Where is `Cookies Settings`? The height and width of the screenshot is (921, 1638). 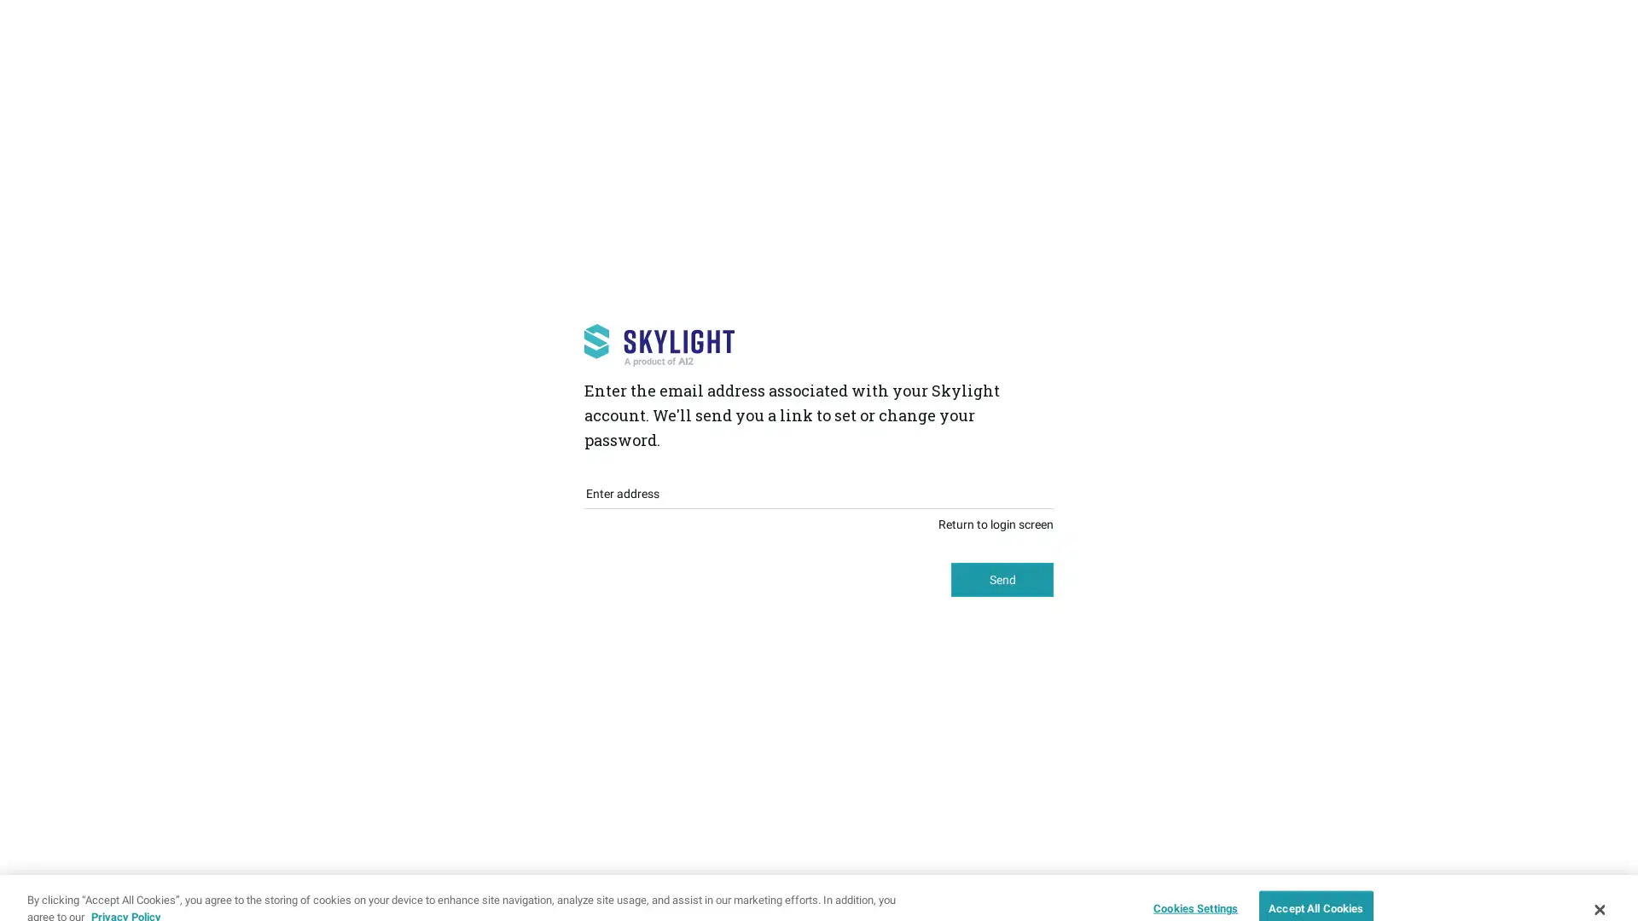 Cookies Settings is located at coordinates (1190, 883).